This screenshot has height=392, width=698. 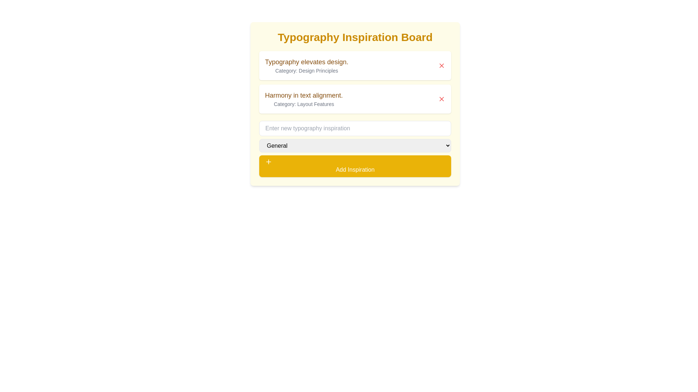 I want to click on the second item in the vertical list under the heading 'Typography Inspiration Board', which provides a description and its category, positioned below the item titled 'Typography elevates design', so click(x=304, y=99).